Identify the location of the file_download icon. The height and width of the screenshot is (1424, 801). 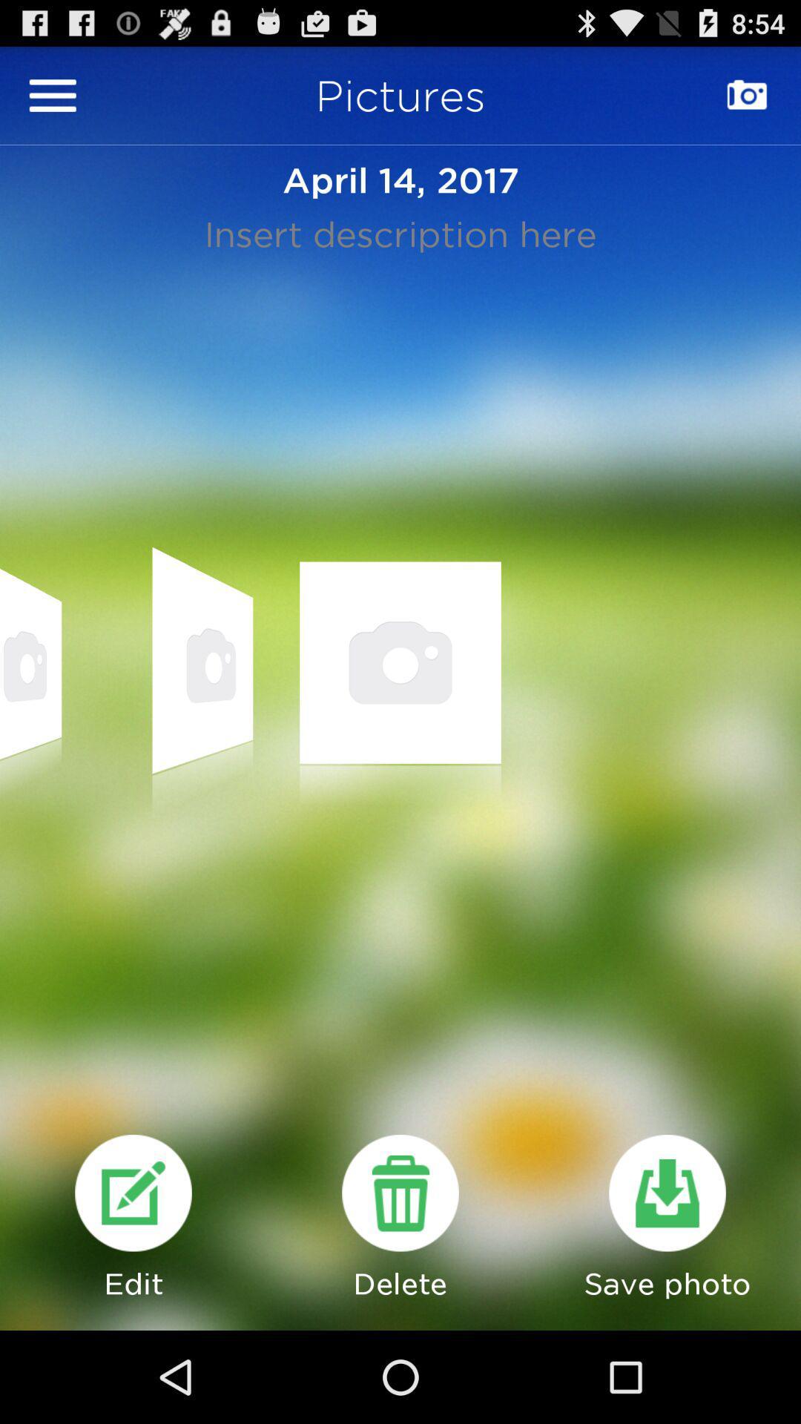
(666, 1276).